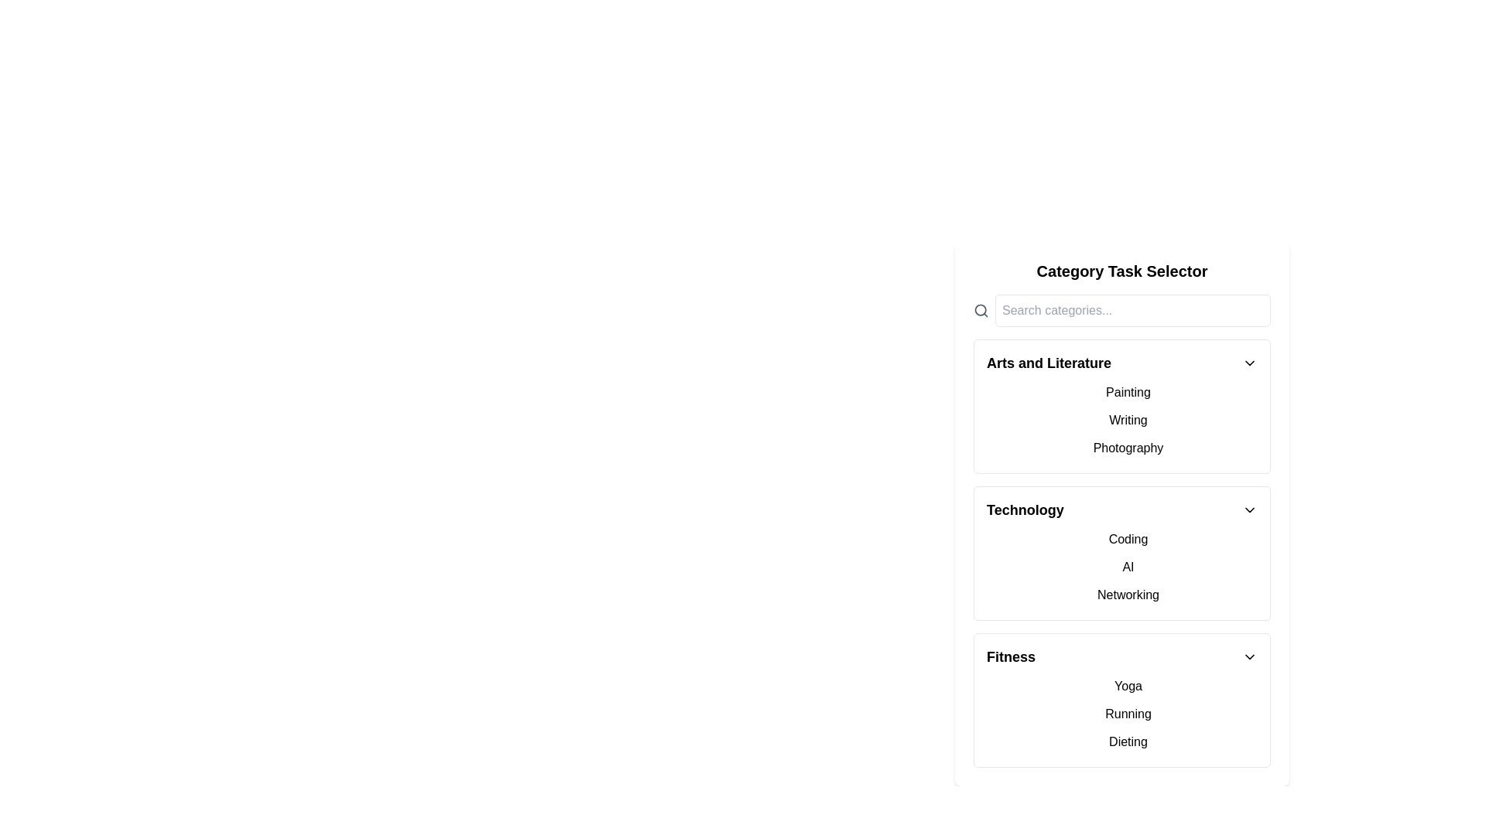 This screenshot has width=1486, height=835. I want to click on the 'Coding' text item in the selectable category list within the 'Technology' category to change its text color to blue, so click(1128, 539).